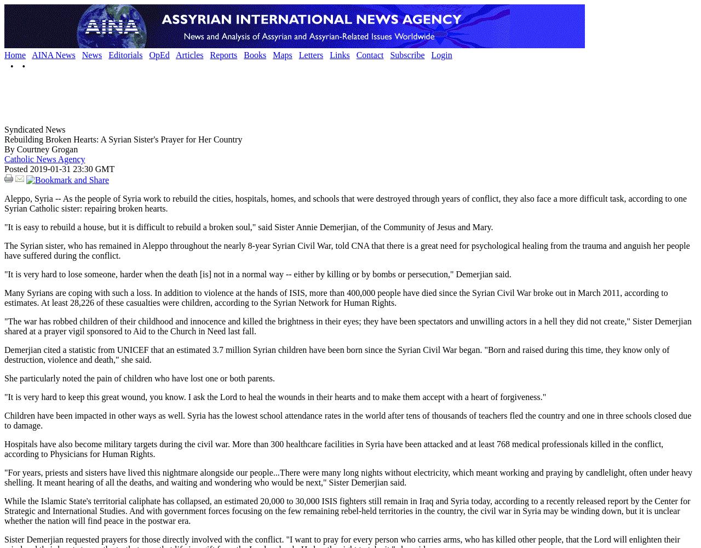 This screenshot has width=701, height=548. Describe the element at coordinates (59, 169) in the screenshot. I see `'Posted 2019-01-31 23:30 GMT'` at that location.